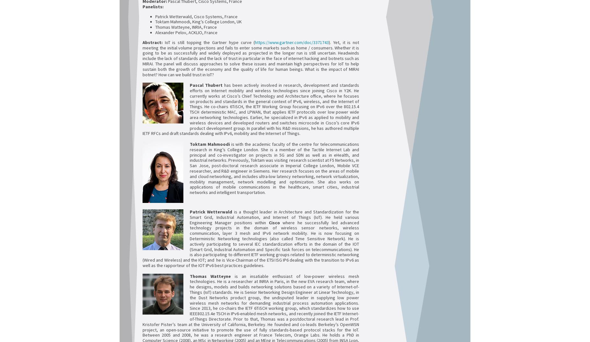  I want to click on 'Patrick Wetterwald, Cisco Systems, France', so click(196, 16).